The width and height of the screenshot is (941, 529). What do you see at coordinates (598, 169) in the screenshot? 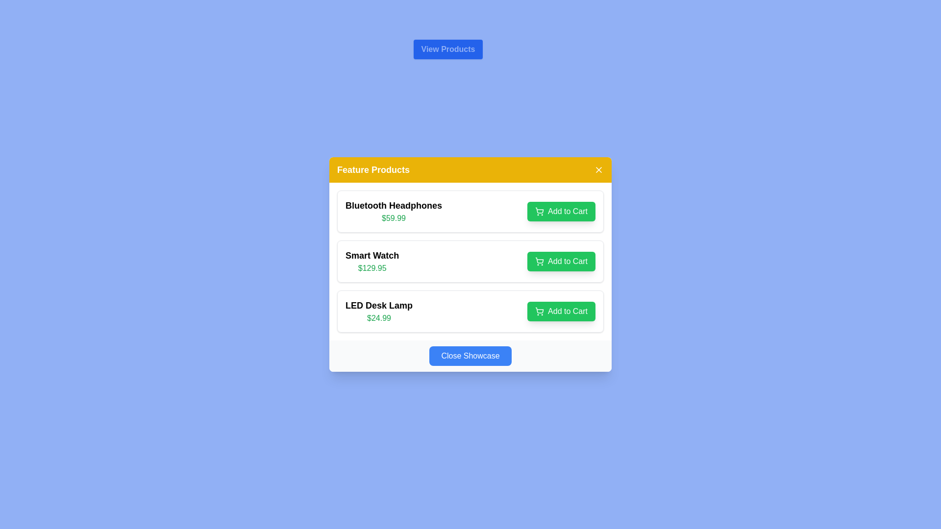
I see `the close button located at the top-right corner of the yellow header section labeled 'Feature Products'` at bounding box center [598, 169].